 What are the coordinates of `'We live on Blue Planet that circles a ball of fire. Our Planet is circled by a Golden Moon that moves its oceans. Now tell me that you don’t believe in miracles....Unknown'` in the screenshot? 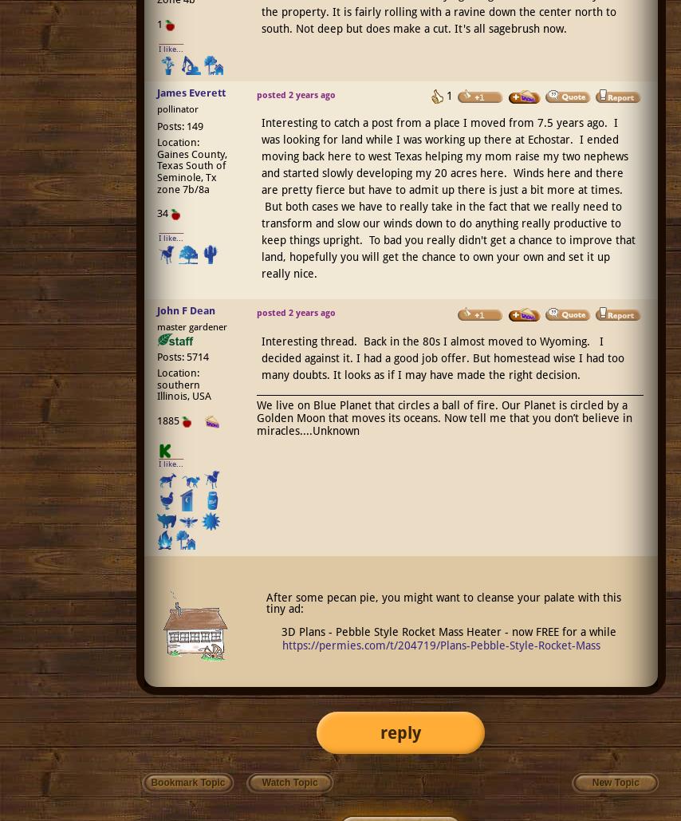 It's located at (255, 416).